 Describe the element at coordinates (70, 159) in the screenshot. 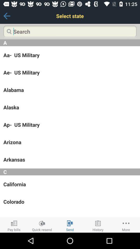

I see `arkansas app` at that location.